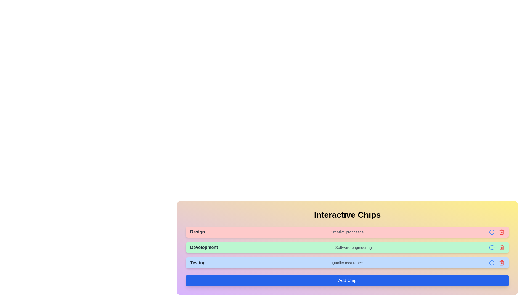 This screenshot has width=530, height=298. Describe the element at coordinates (502, 232) in the screenshot. I see `'Trash' icon for the chip labeled Design` at that location.